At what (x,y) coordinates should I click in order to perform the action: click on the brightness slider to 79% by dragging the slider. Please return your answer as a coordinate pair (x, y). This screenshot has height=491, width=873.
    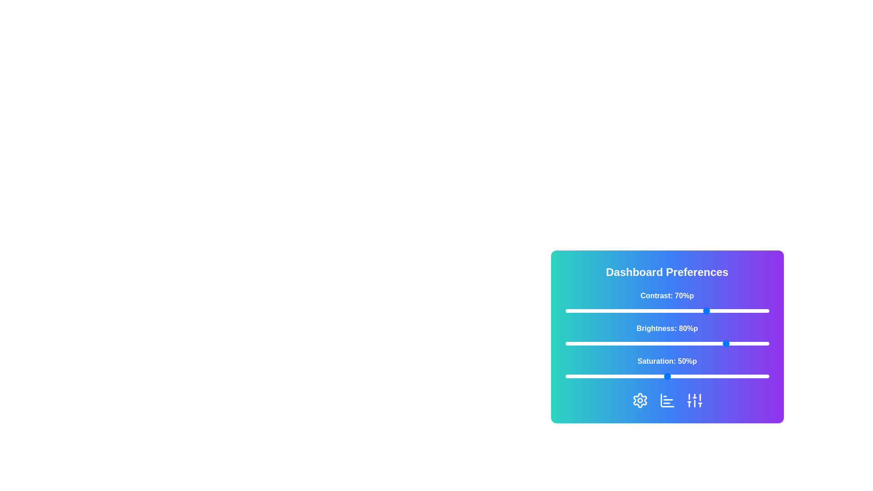
    Looking at the image, I should click on (726, 344).